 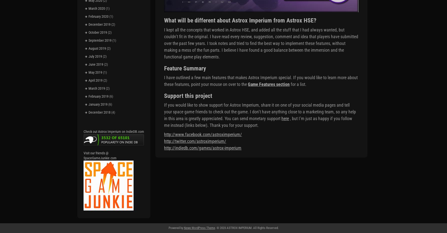 What do you see at coordinates (203, 148) in the screenshot?
I see `'http://indiedb.com/games/astrox-imperium'` at bounding box center [203, 148].